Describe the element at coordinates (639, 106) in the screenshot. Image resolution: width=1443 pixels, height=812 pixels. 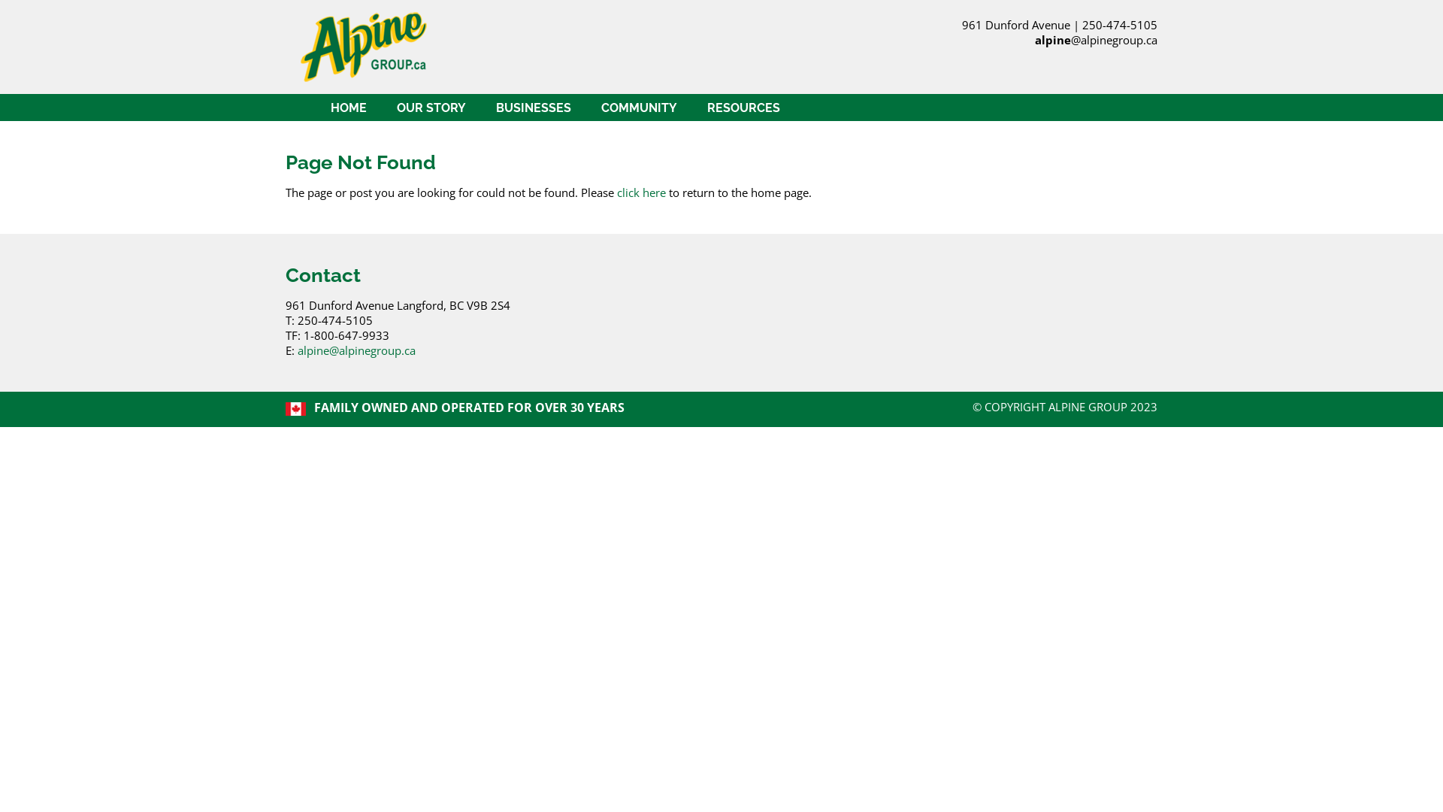
I see `'COMMUNITY'` at that location.